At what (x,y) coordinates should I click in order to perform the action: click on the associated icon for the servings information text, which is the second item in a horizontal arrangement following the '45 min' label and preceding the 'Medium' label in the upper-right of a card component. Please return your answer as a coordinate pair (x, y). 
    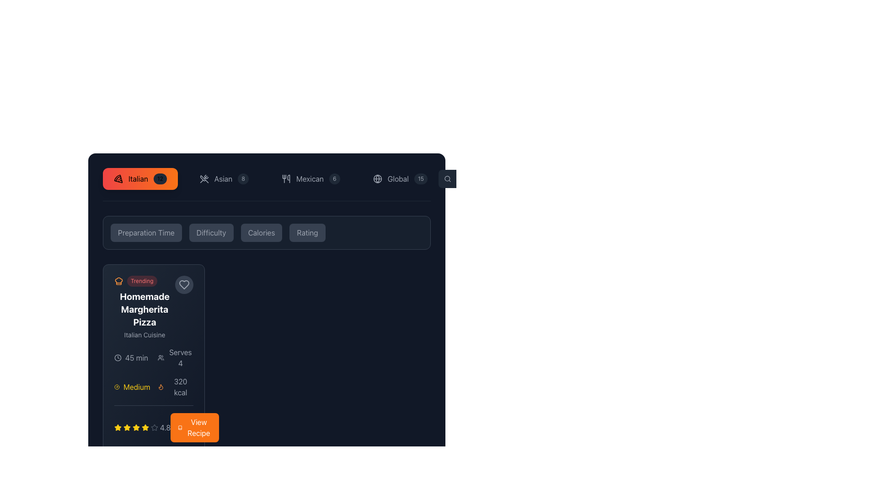
    Looking at the image, I should click on (175, 357).